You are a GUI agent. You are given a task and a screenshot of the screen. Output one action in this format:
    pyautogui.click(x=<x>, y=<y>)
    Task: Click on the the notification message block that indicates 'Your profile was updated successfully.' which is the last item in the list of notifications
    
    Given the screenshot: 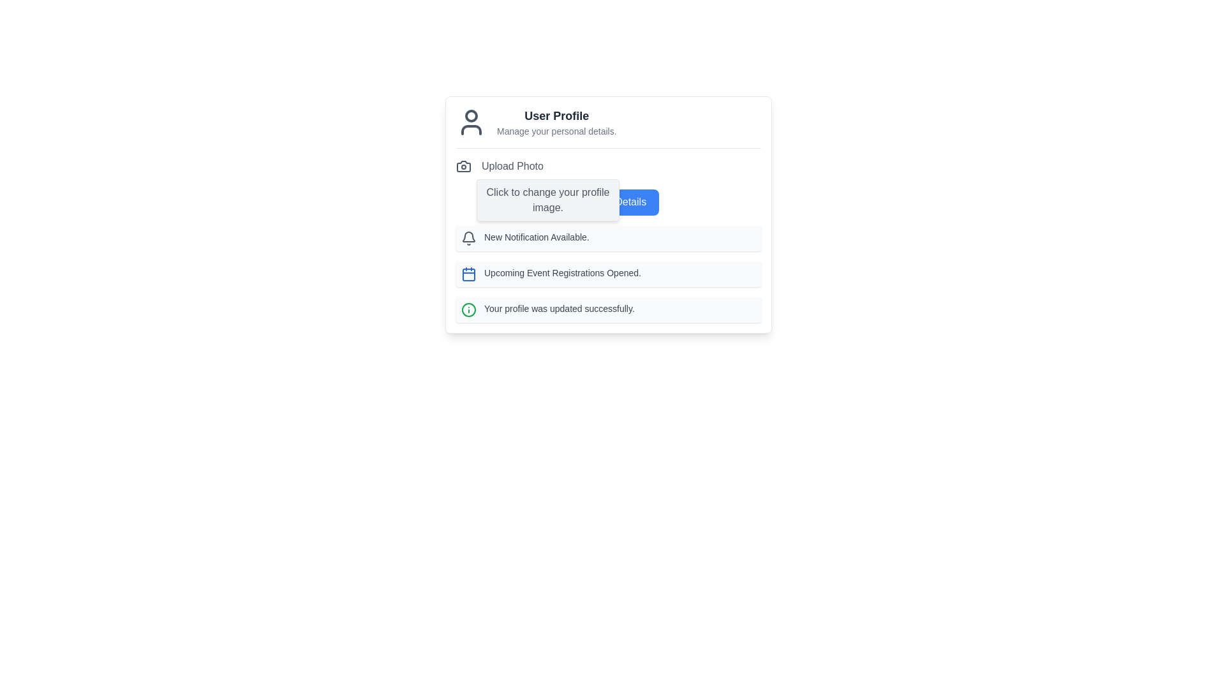 What is the action you would take?
    pyautogui.click(x=608, y=309)
    